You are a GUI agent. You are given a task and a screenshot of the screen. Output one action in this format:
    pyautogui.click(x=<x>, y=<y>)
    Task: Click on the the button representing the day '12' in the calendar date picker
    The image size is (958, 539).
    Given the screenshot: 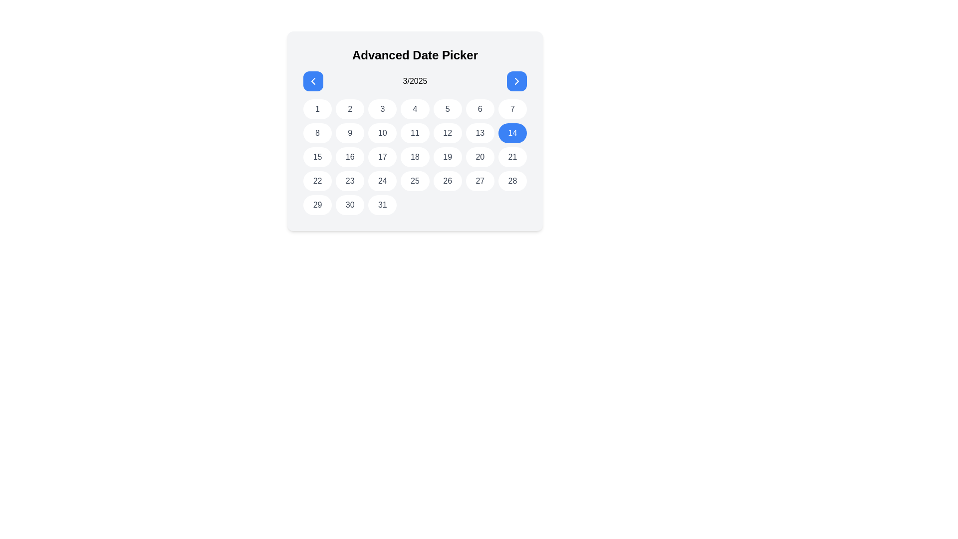 What is the action you would take?
    pyautogui.click(x=447, y=132)
    